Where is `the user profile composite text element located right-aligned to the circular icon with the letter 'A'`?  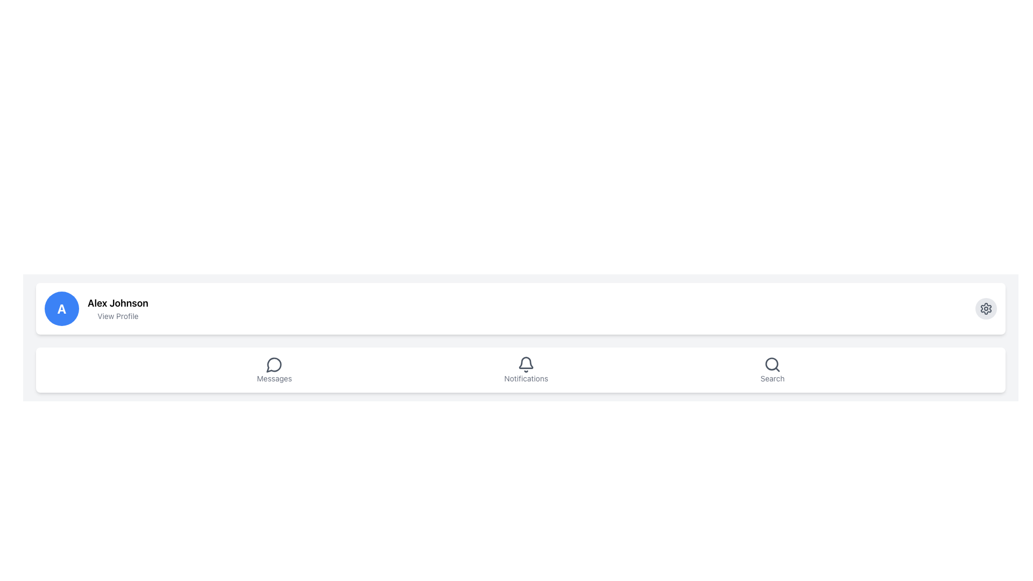
the user profile composite text element located right-aligned to the circular icon with the letter 'A' is located at coordinates (118, 309).